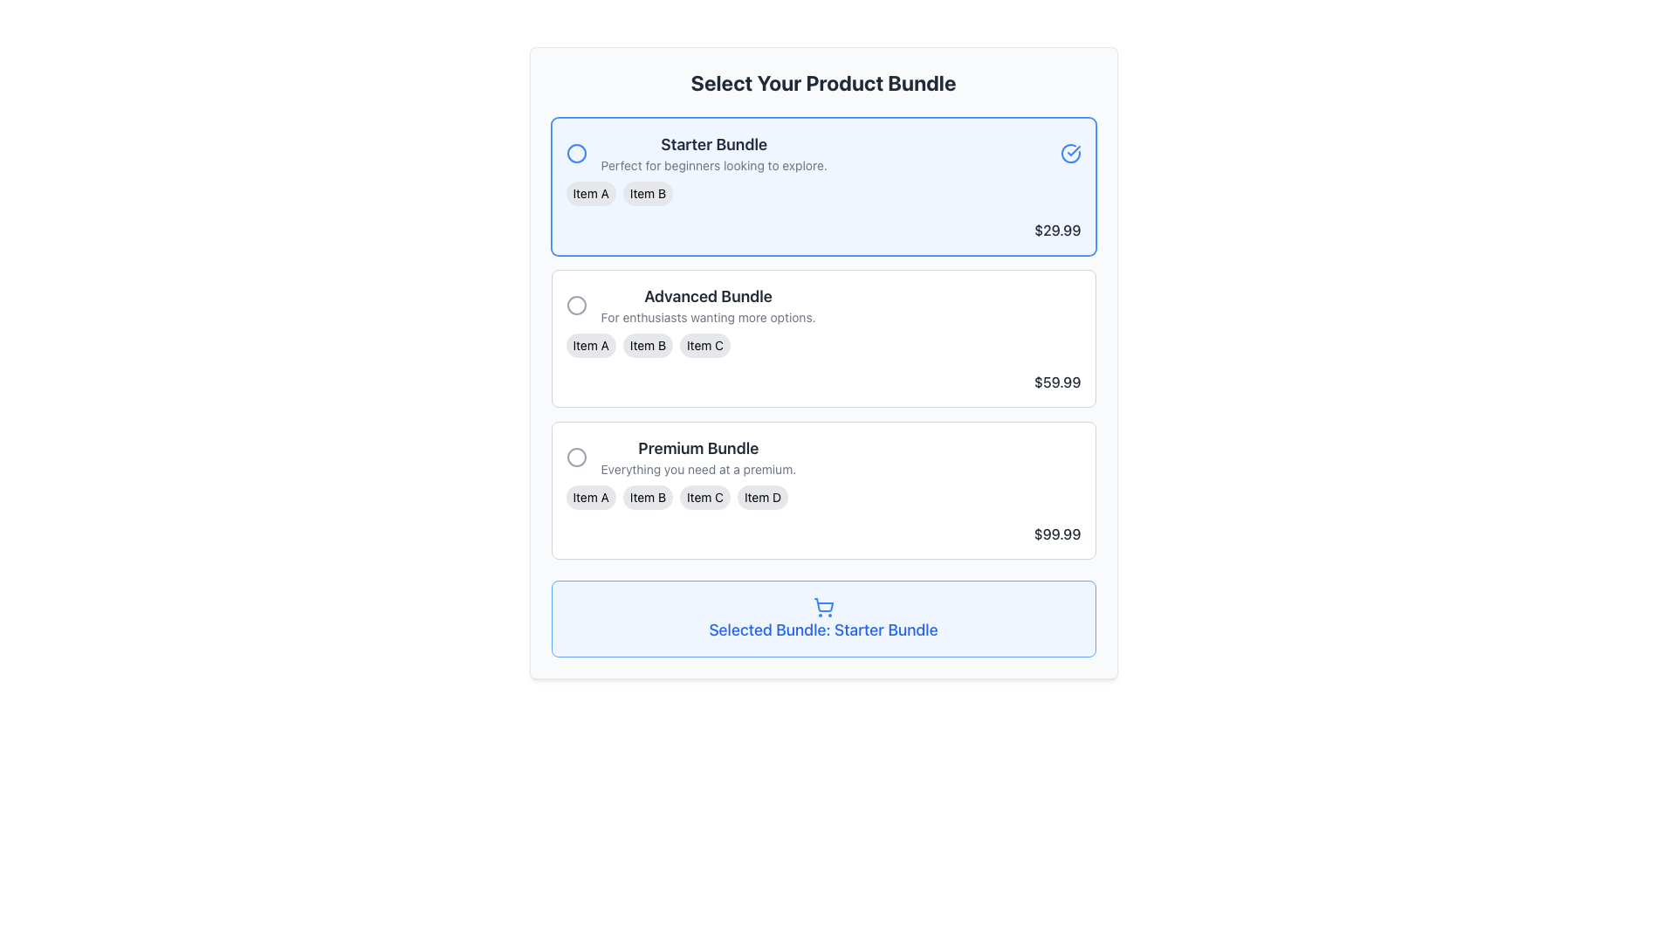 The image size is (1676, 943). I want to click on the 'Item D' label badge, which is a rectangular button-like segment with black text on a light gray background, located within the 'Premium Bundle' section, so click(763, 498).